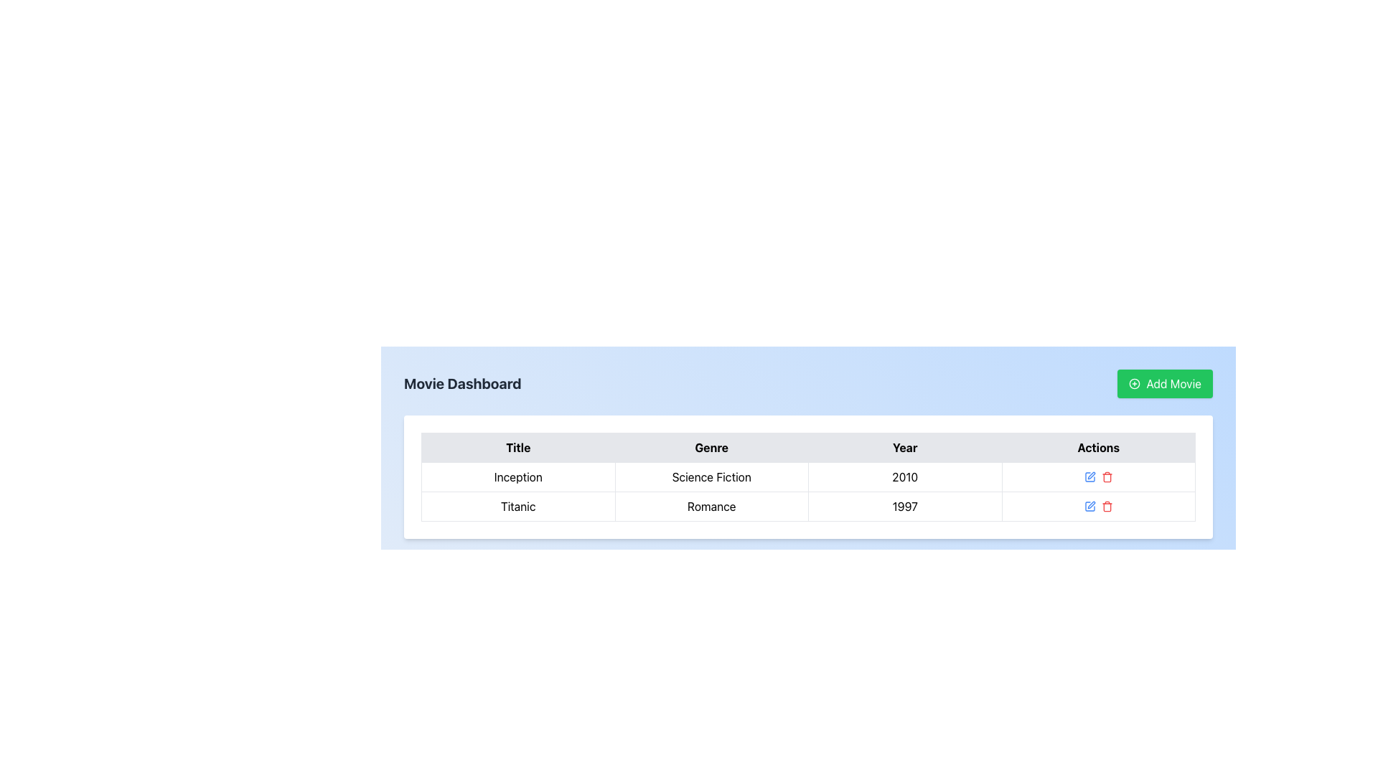  I want to click on the 'Add Movie' button located at the top-right corner of the movie dashboard, which contains a circle icon as part of its design, so click(1134, 383).